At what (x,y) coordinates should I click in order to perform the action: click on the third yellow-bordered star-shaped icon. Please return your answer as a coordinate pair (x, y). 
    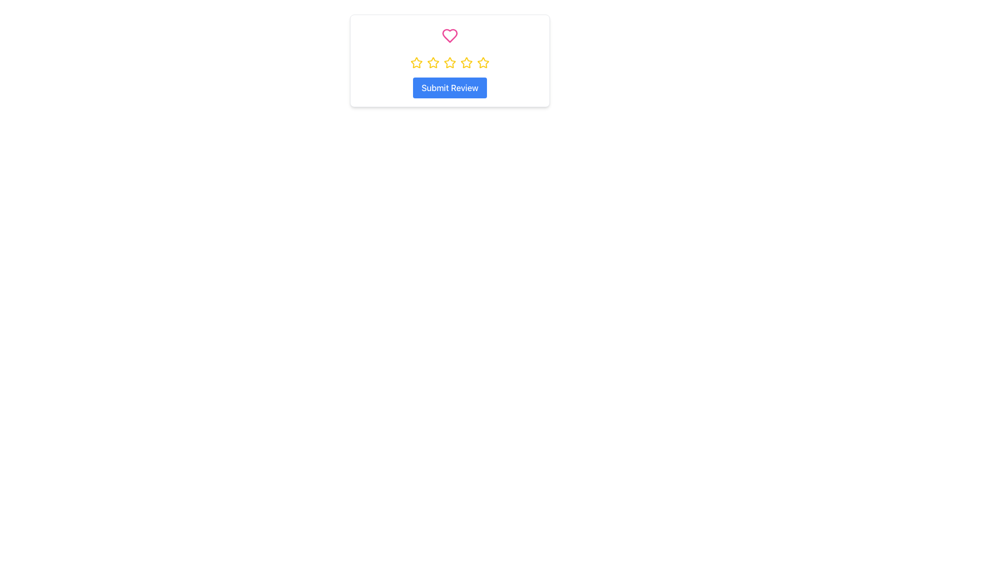
    Looking at the image, I should click on (450, 62).